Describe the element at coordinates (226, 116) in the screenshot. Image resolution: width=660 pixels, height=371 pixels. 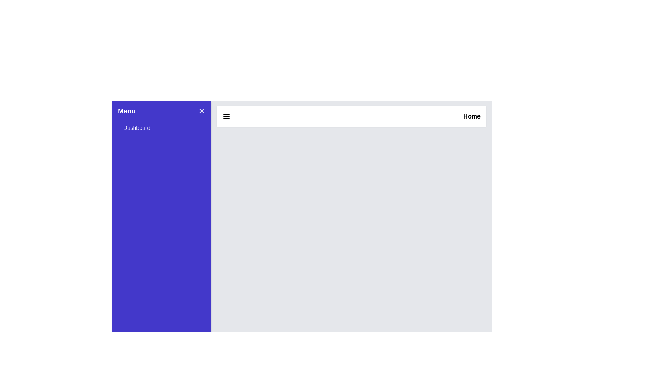
I see `menu icon to open the drawer` at that location.